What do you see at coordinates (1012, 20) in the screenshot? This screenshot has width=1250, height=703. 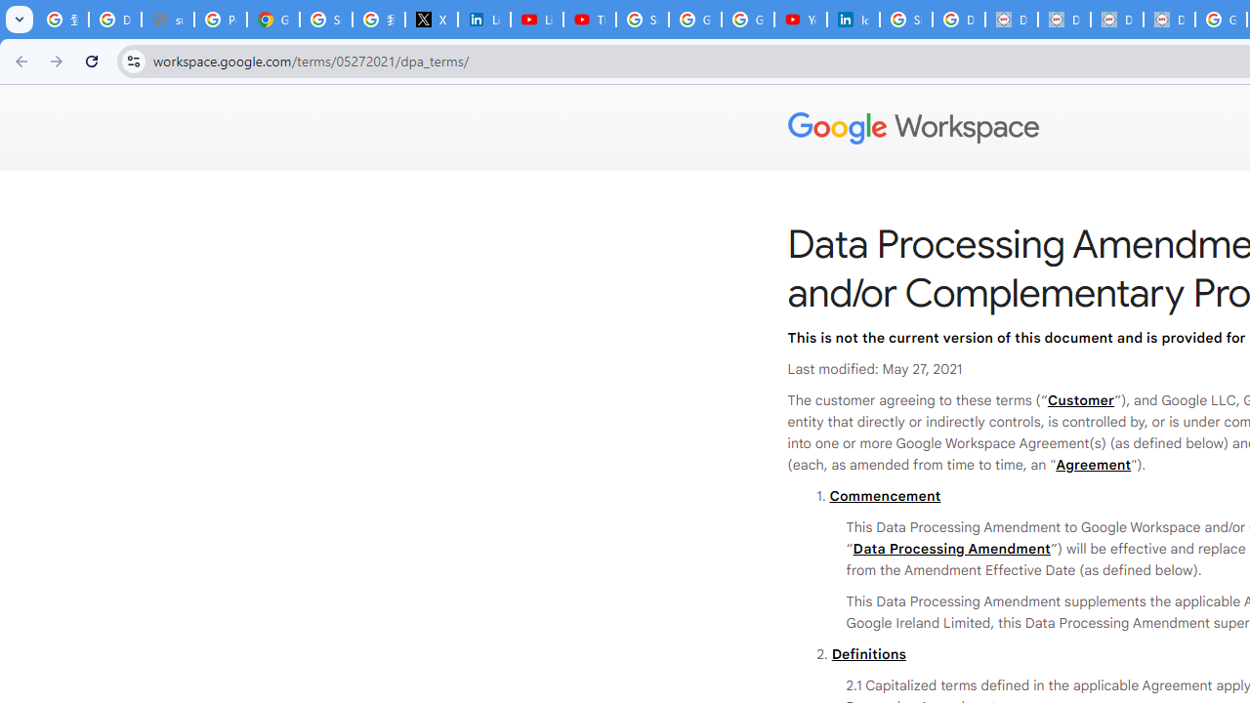 I see `'Data Privacy Framework'` at bounding box center [1012, 20].